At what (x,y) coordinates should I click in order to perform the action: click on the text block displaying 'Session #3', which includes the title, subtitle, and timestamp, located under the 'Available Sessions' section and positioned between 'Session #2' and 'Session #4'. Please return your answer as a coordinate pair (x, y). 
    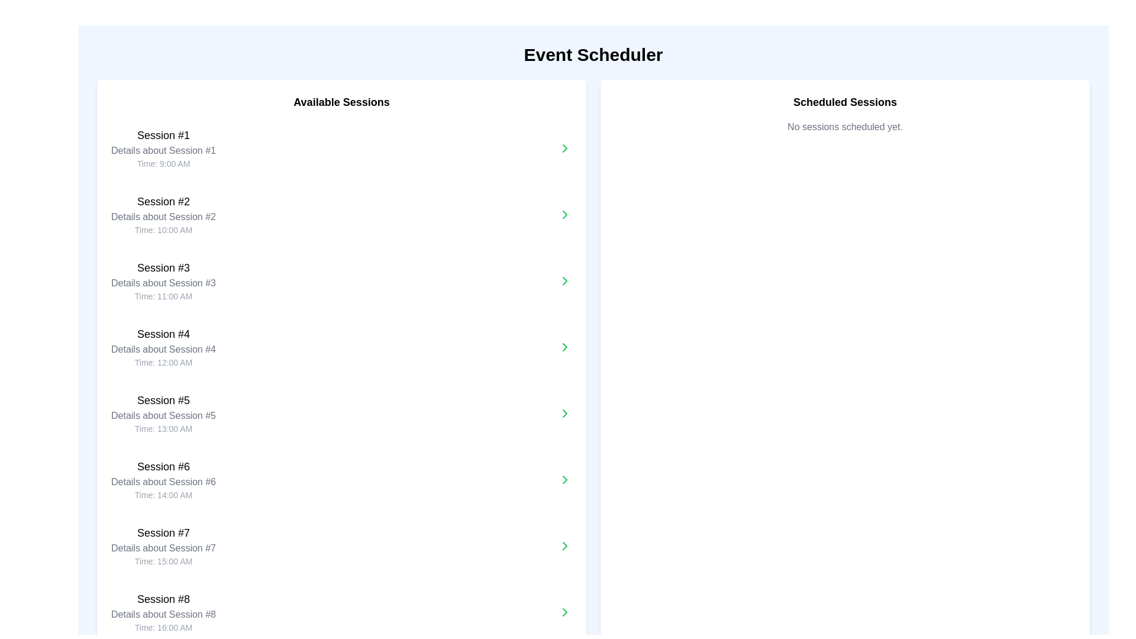
    Looking at the image, I should click on (163, 280).